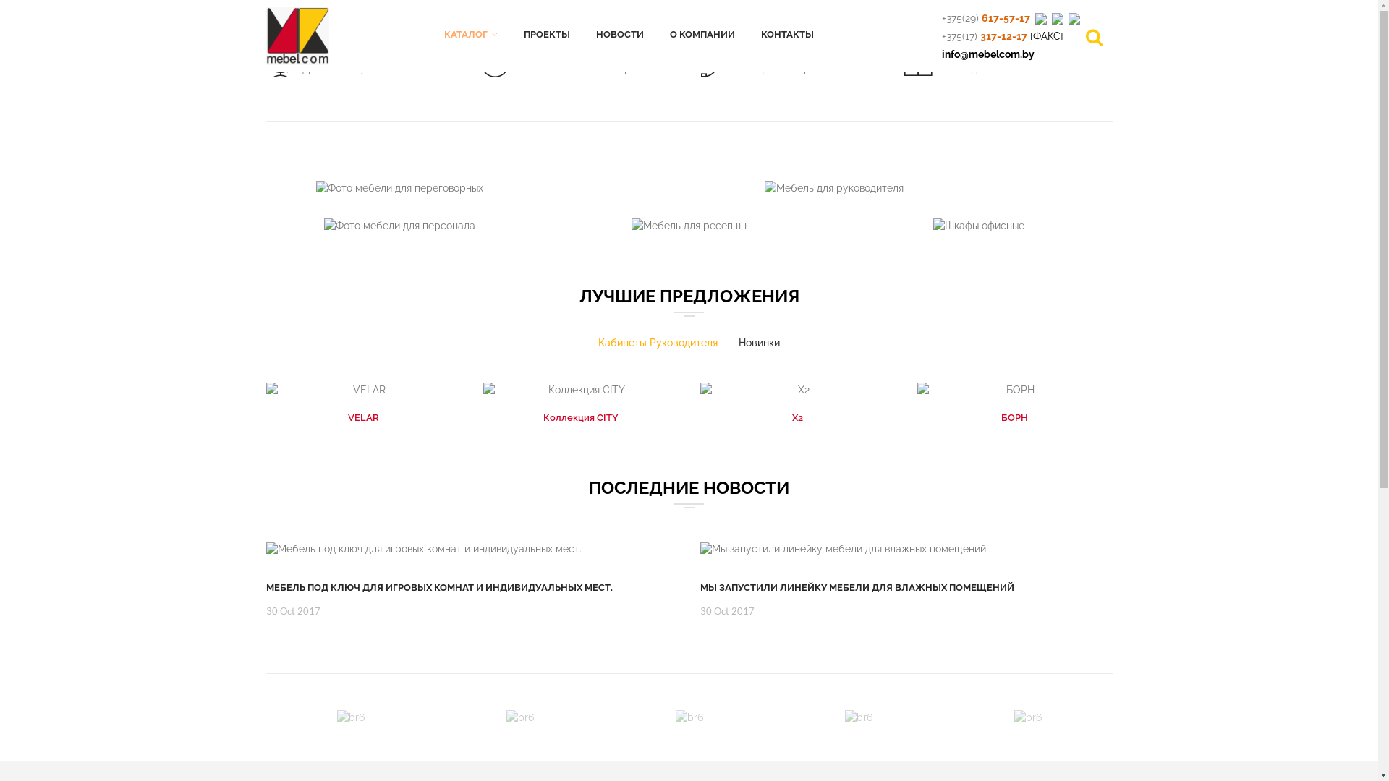  What do you see at coordinates (987, 53) in the screenshot?
I see `'info@mebelcom.by'` at bounding box center [987, 53].